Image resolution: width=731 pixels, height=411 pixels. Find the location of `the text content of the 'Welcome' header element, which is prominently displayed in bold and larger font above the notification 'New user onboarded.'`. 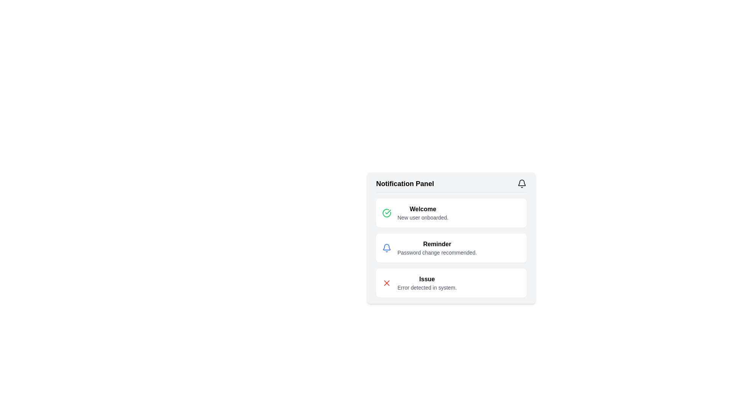

the text content of the 'Welcome' header element, which is prominently displayed in bold and larger font above the notification 'New user onboarded.' is located at coordinates (422, 209).